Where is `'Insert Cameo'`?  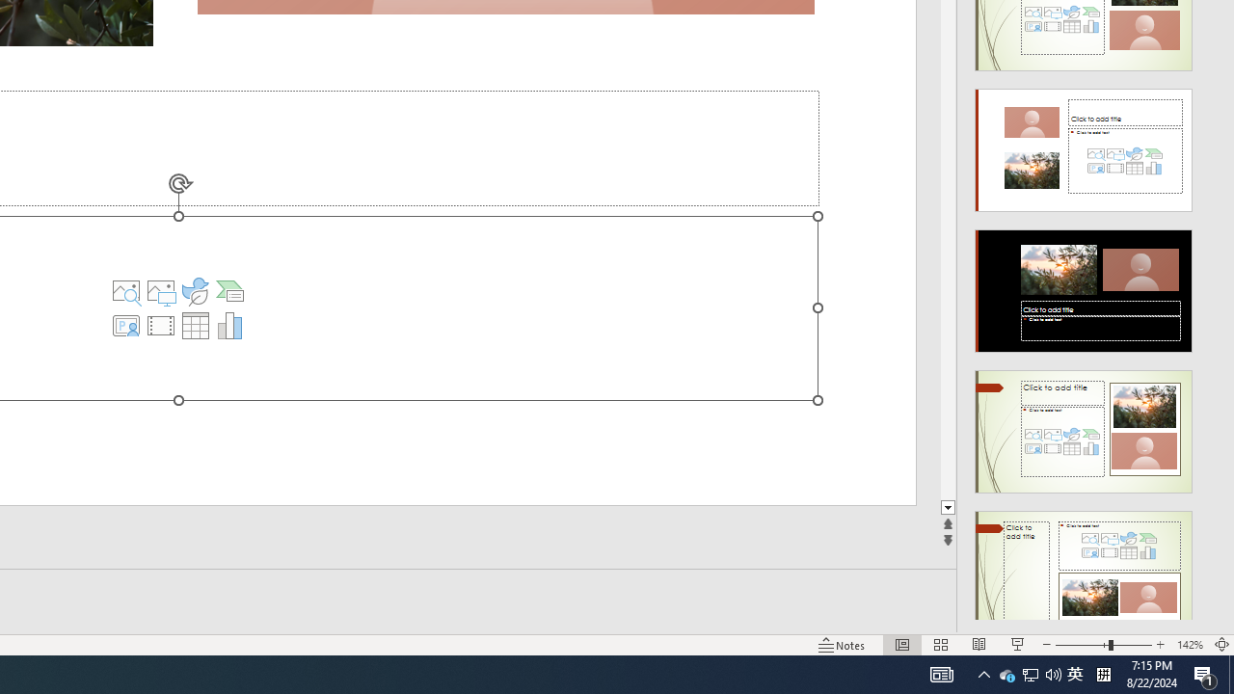 'Insert Cameo' is located at coordinates (125, 325).